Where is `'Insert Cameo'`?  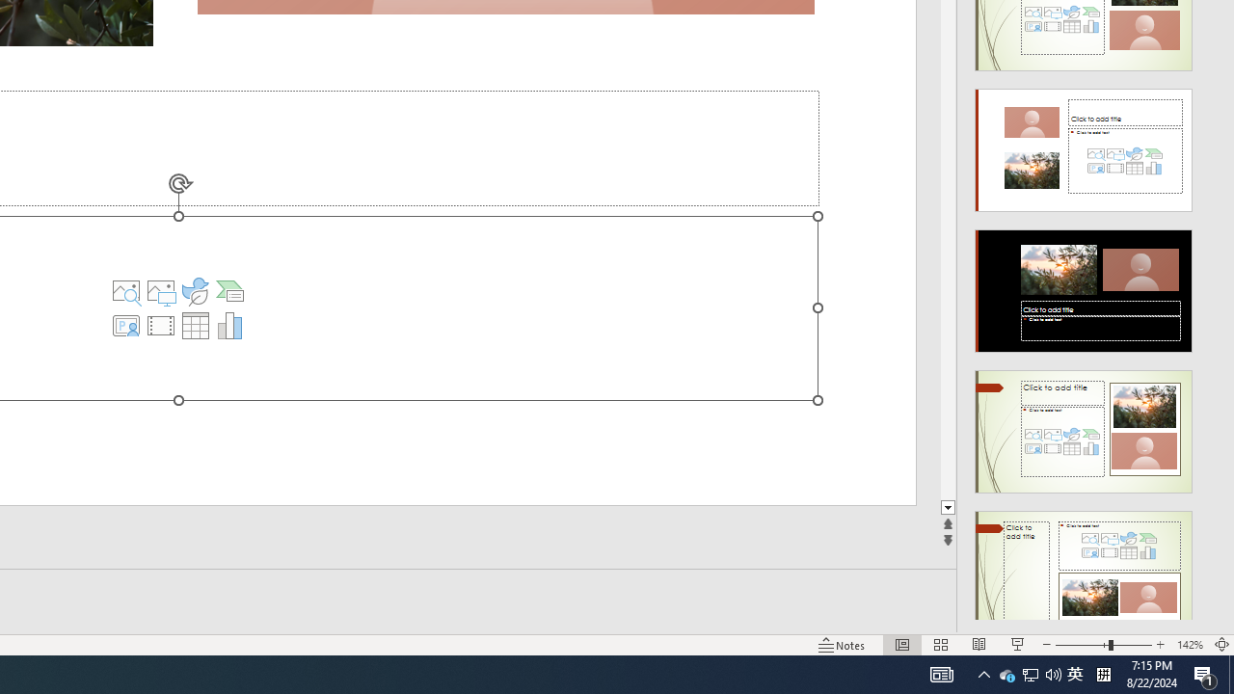 'Insert Cameo' is located at coordinates (125, 325).